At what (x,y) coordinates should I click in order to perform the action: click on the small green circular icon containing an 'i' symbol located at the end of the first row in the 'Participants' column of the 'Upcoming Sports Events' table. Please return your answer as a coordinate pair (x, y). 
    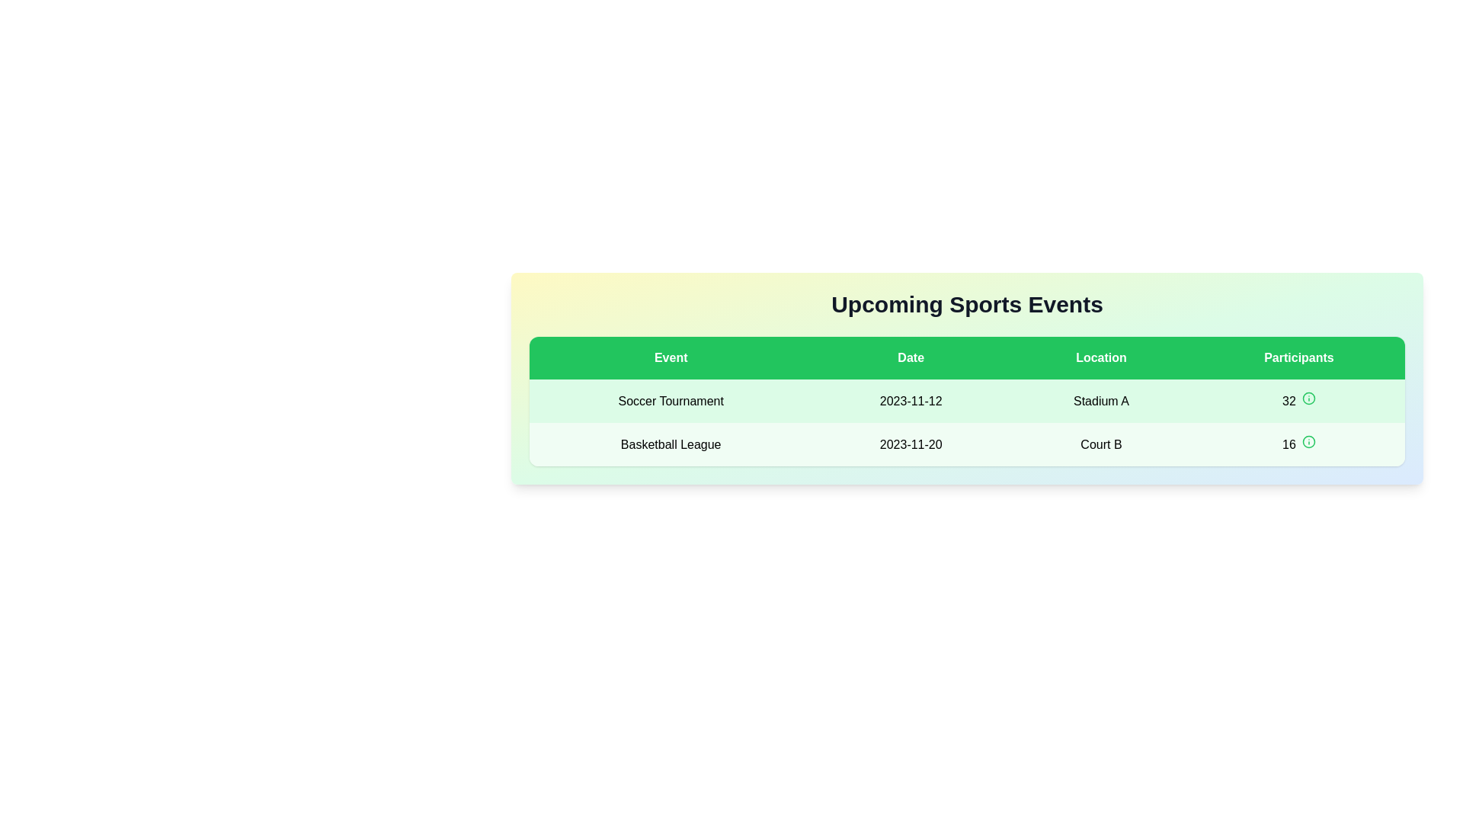
    Looking at the image, I should click on (1308, 398).